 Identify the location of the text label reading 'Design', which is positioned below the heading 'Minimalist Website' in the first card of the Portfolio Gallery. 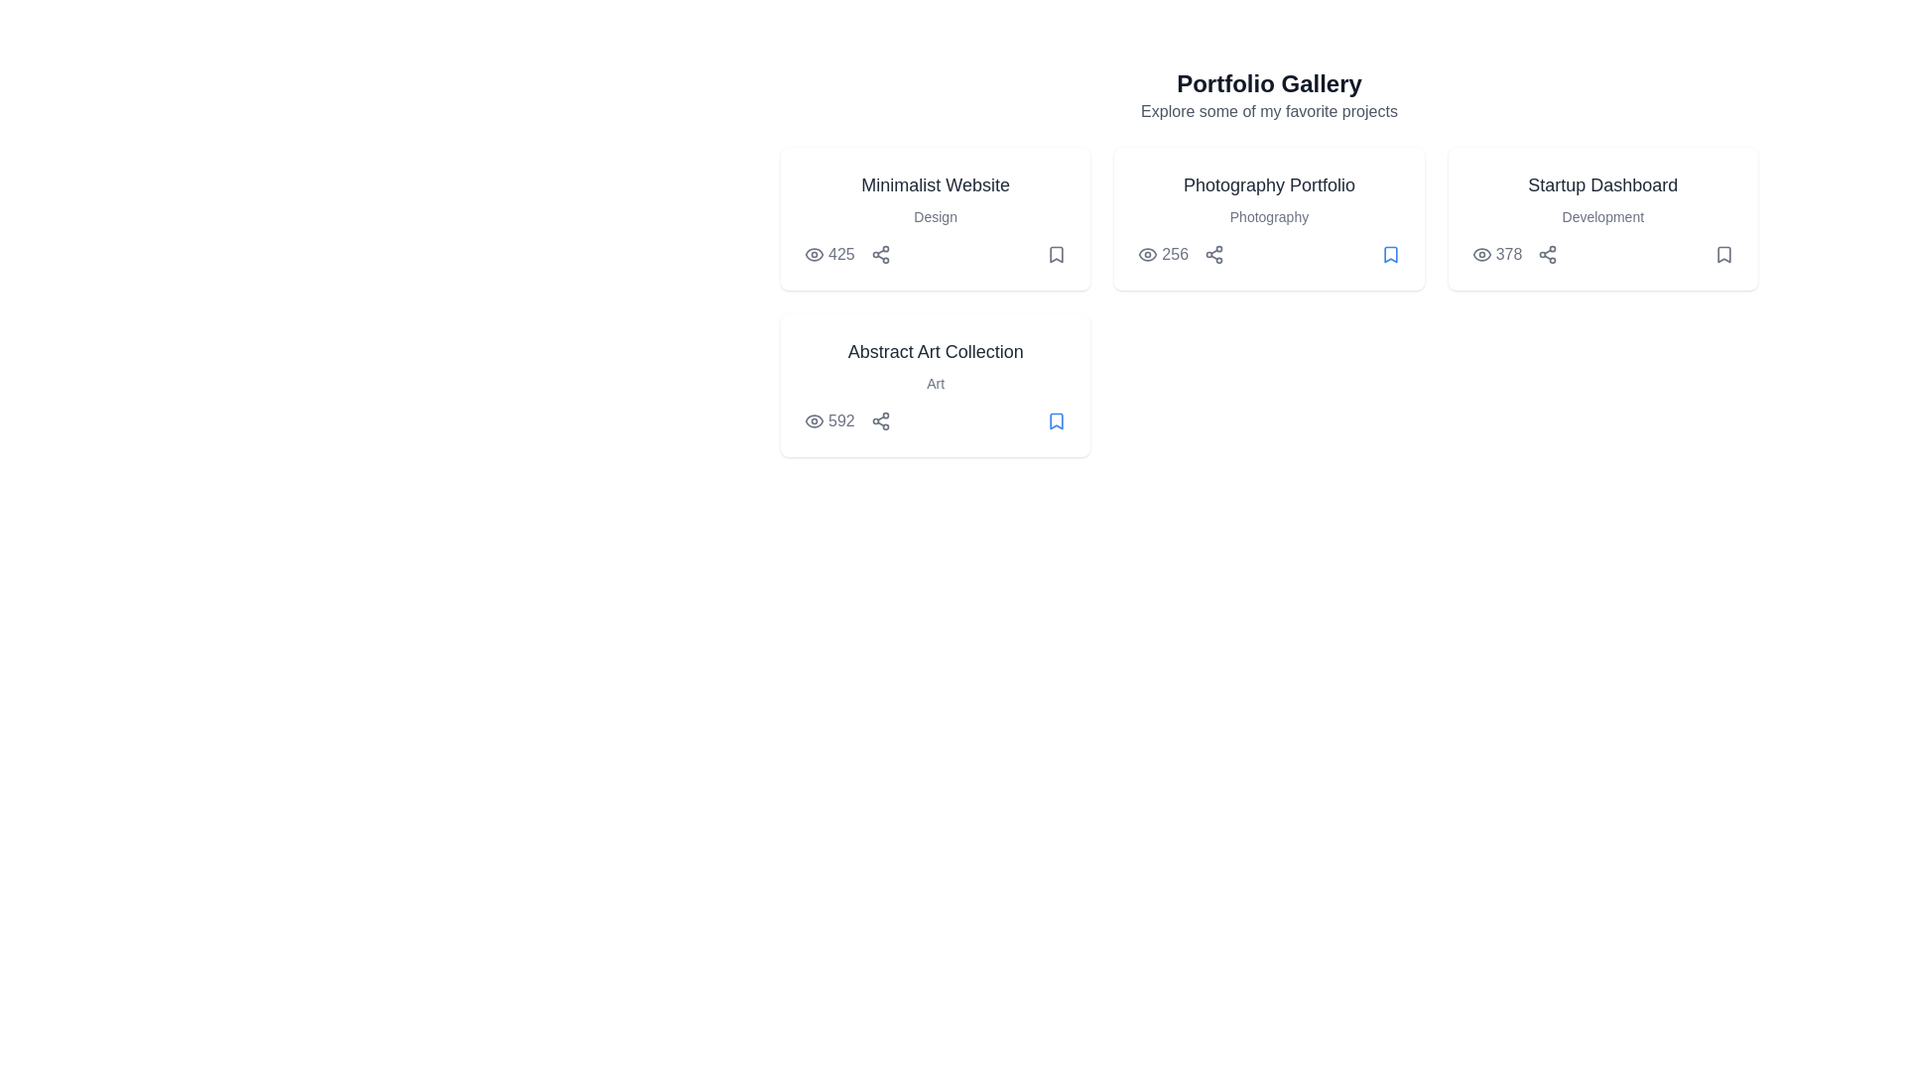
(935, 217).